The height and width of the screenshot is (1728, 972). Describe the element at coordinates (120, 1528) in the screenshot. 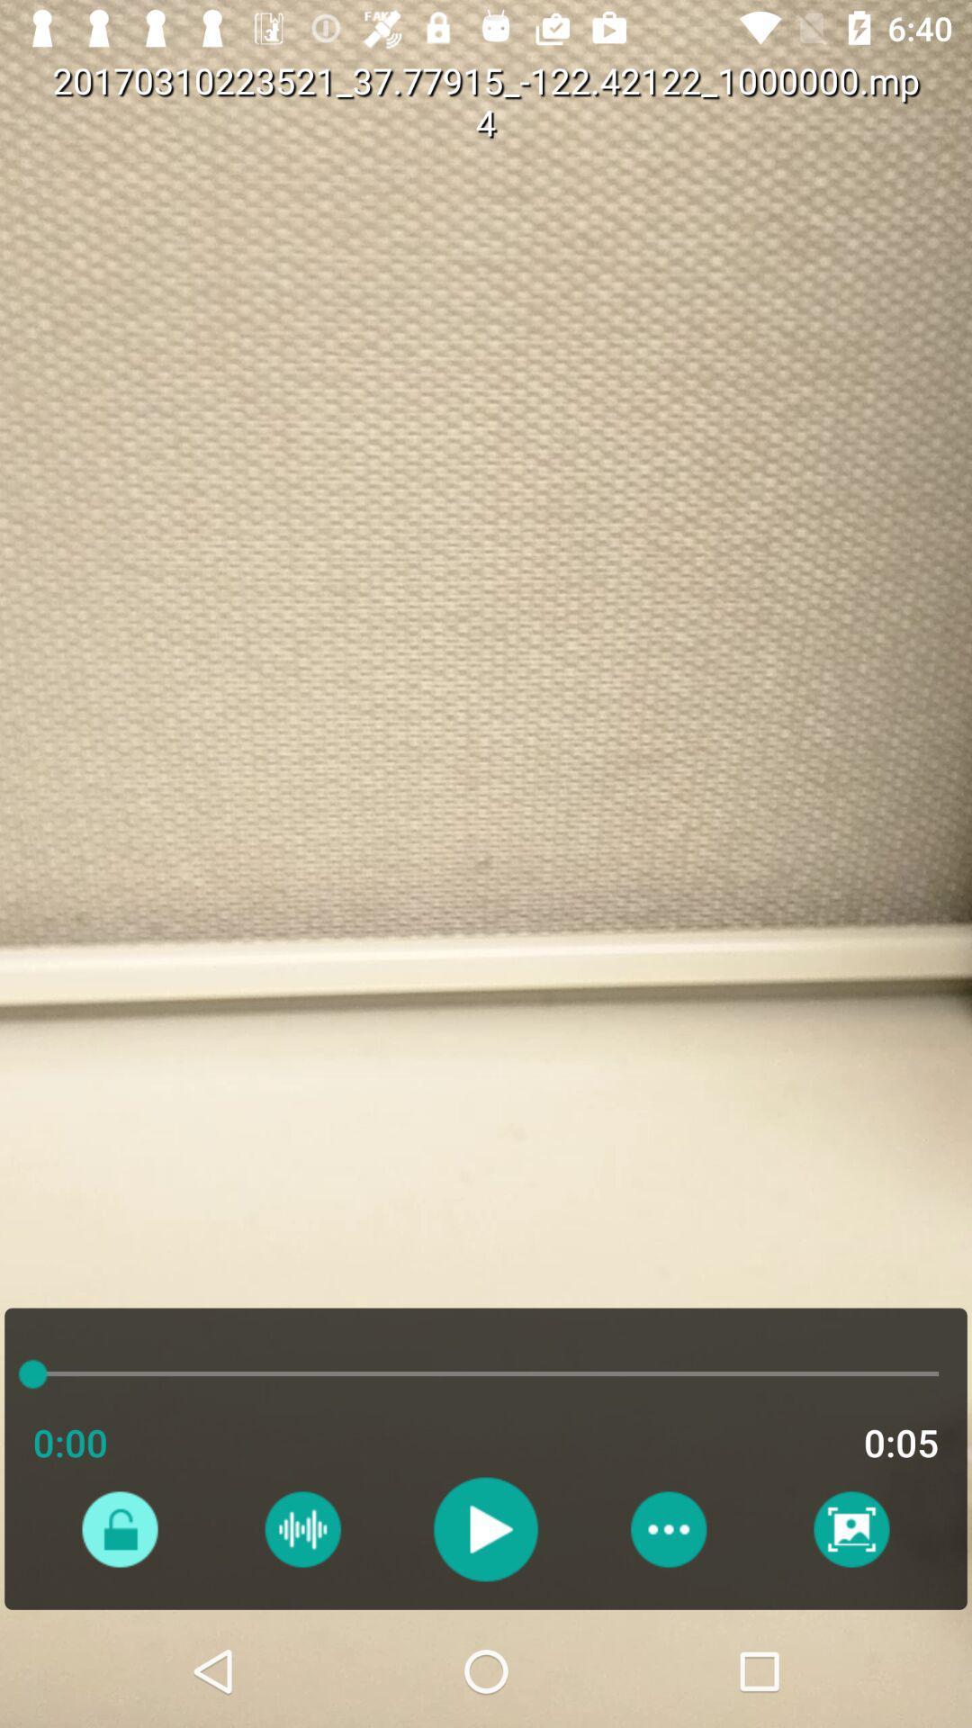

I see `make private` at that location.